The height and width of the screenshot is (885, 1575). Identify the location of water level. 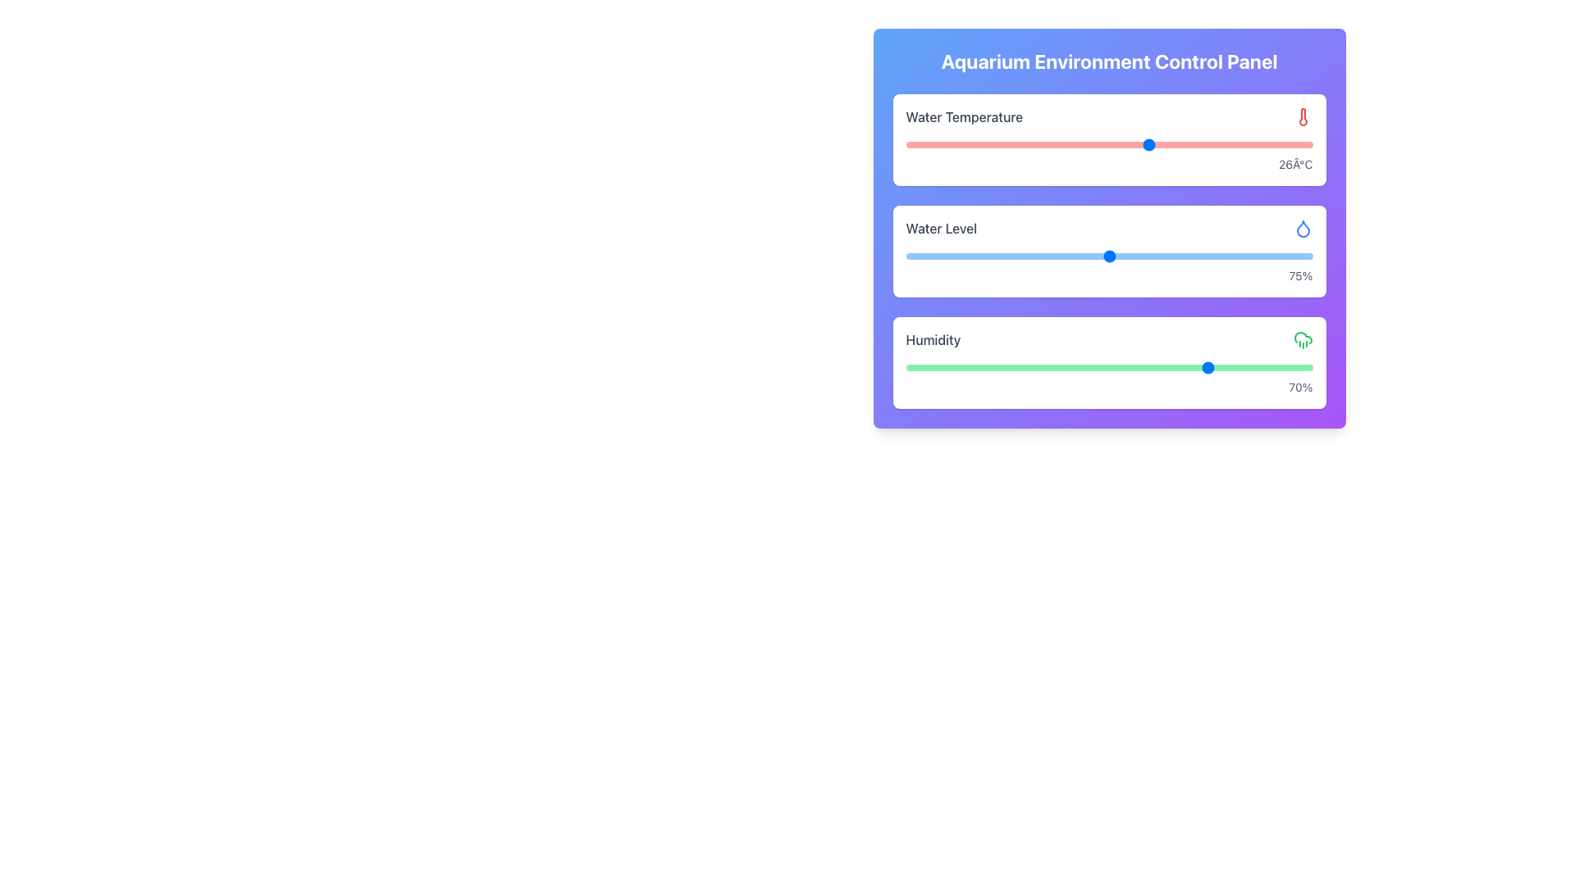
(1068, 256).